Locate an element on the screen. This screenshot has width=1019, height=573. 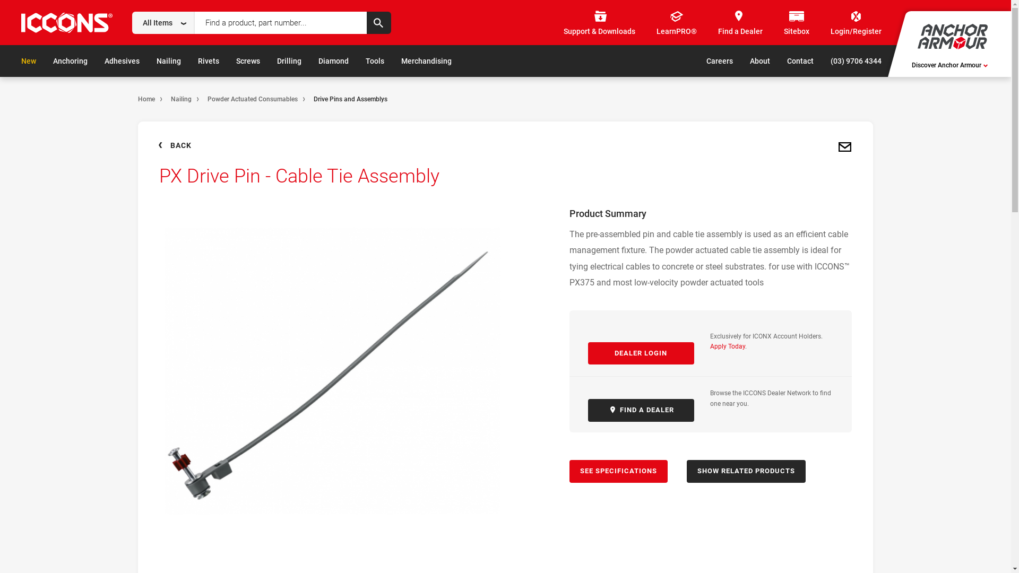
'Contact' is located at coordinates (800, 61).